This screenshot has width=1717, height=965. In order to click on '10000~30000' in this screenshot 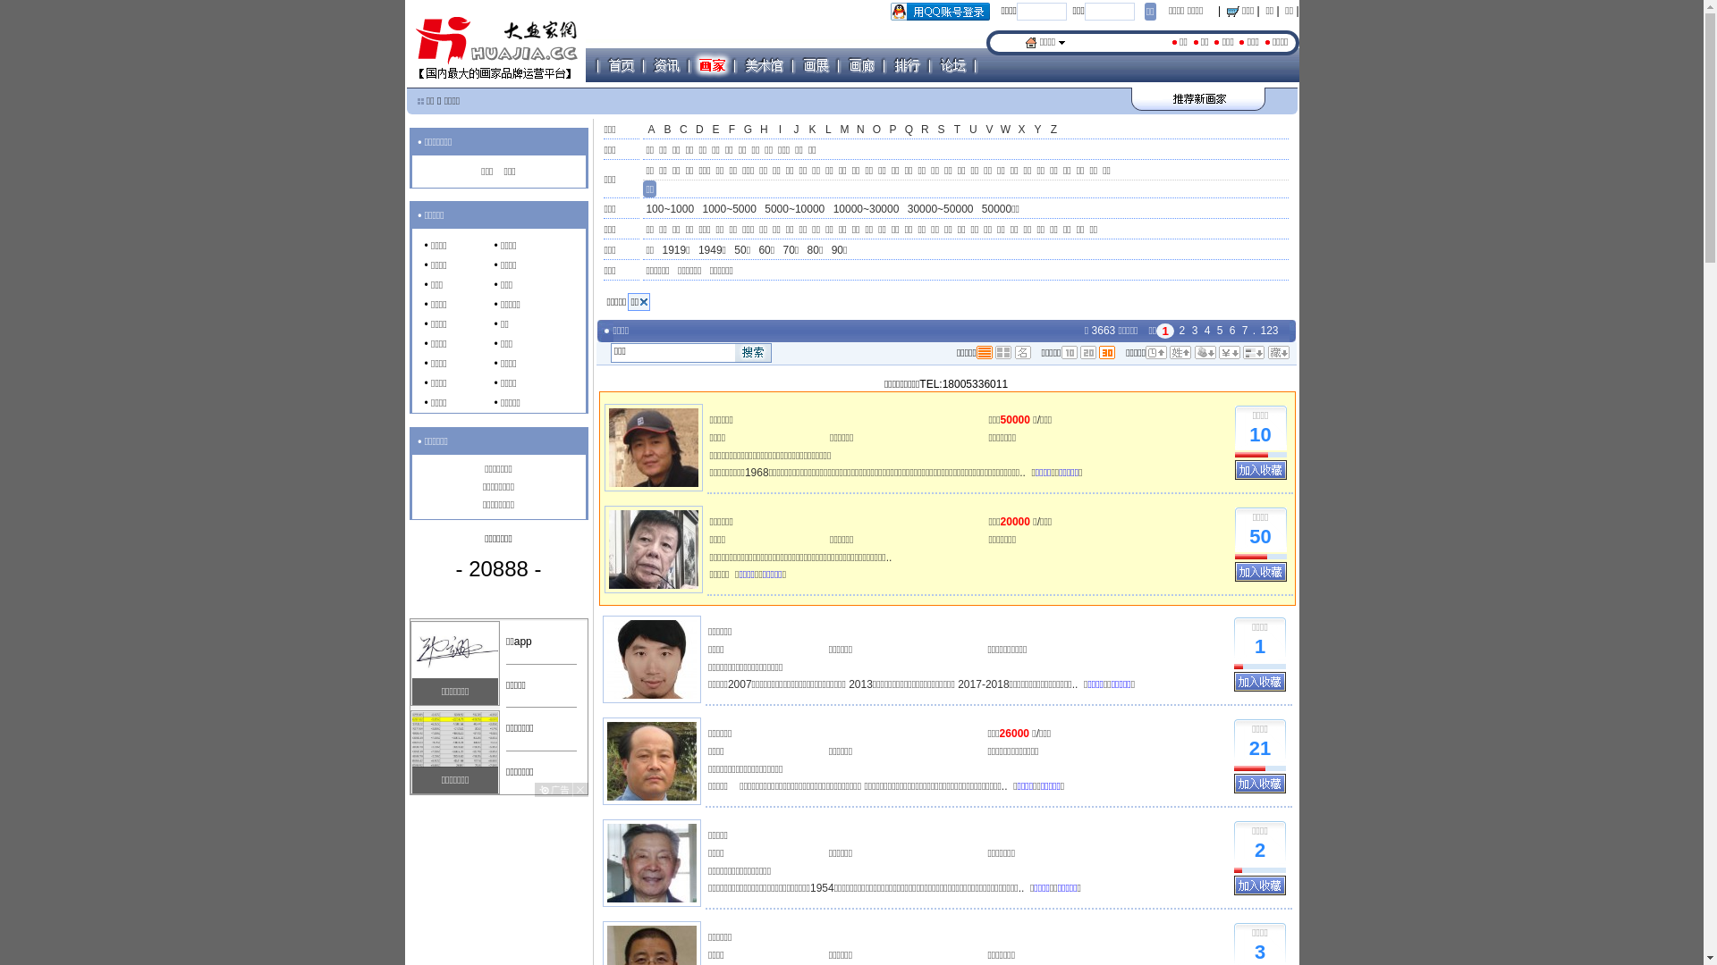, I will do `click(867, 209)`.